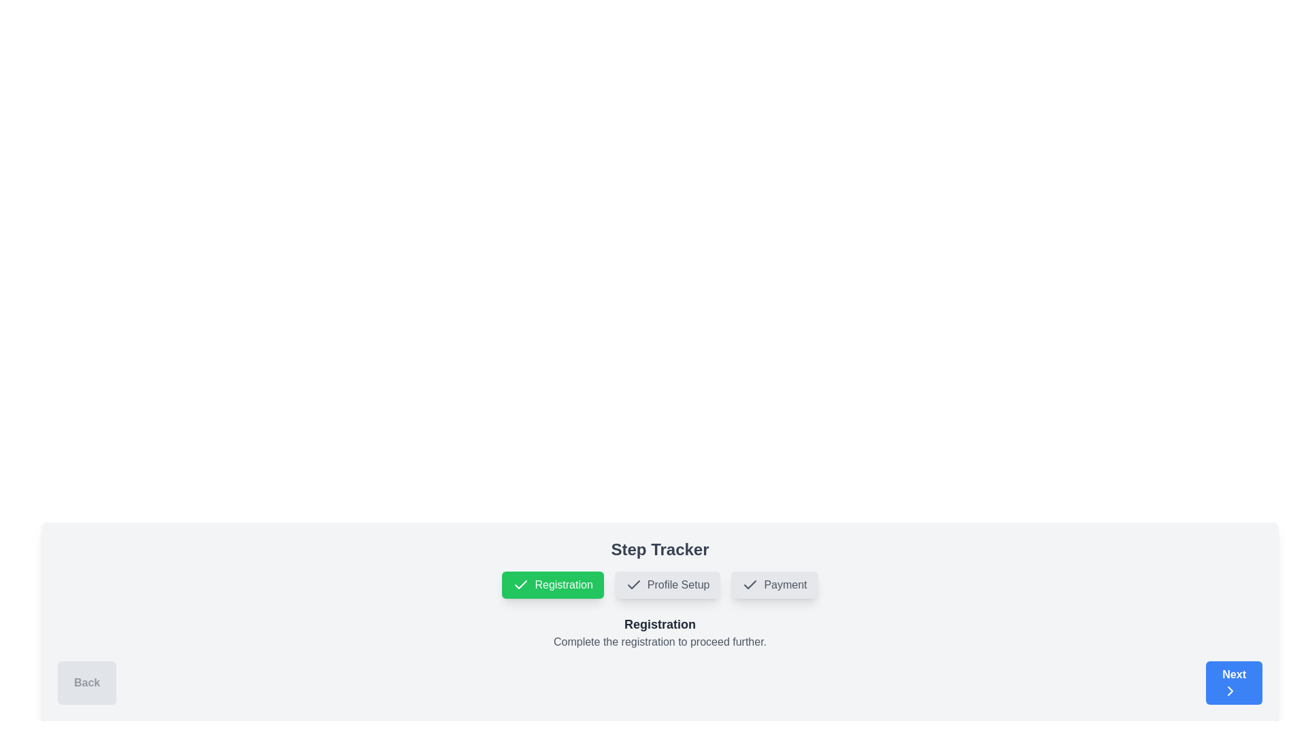 This screenshot has height=734, width=1306. Describe the element at coordinates (564, 584) in the screenshot. I see `the 'Registration' text label, which is displayed in white on a green background, centered within its bounding area, and located inside a button-like element with rounded corners` at that location.